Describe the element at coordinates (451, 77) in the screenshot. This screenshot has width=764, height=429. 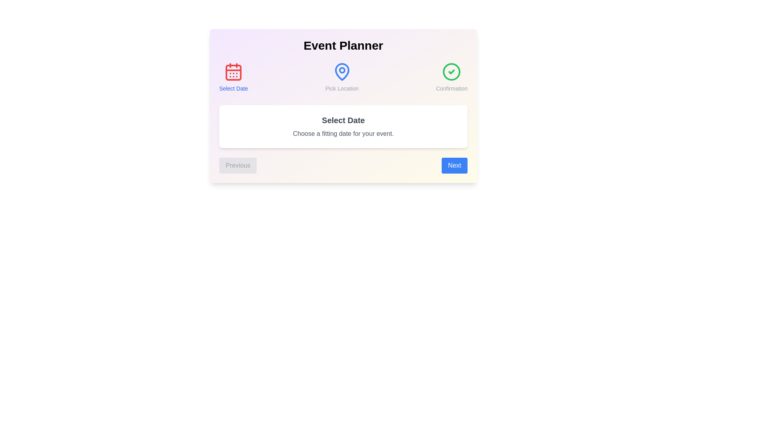
I see `the step Confirmation in the header to navigate to it` at that location.